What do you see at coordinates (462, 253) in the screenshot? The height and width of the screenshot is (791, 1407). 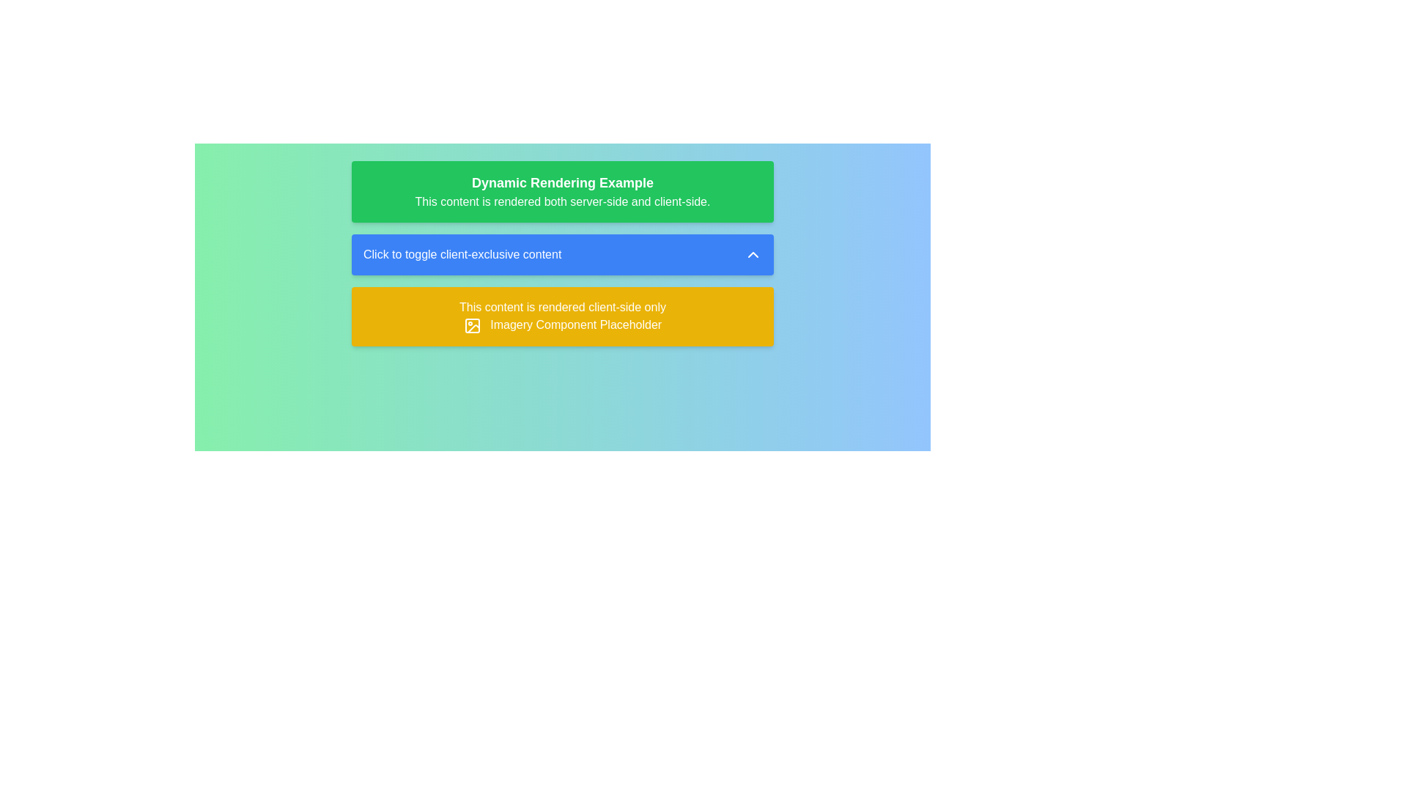 I see `text from the instructional text label located in the blue background banner below the green 'Dynamic Rendering Example' banner` at bounding box center [462, 253].